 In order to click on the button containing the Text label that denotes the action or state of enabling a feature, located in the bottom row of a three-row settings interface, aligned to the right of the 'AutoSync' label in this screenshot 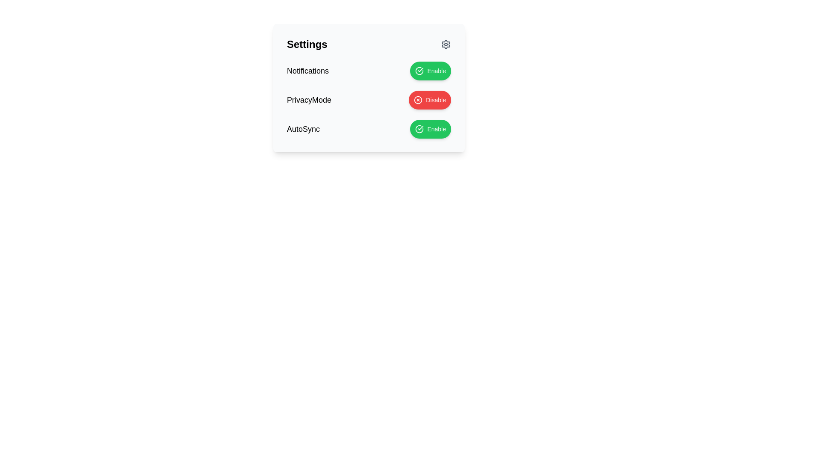, I will do `click(437, 70)`.